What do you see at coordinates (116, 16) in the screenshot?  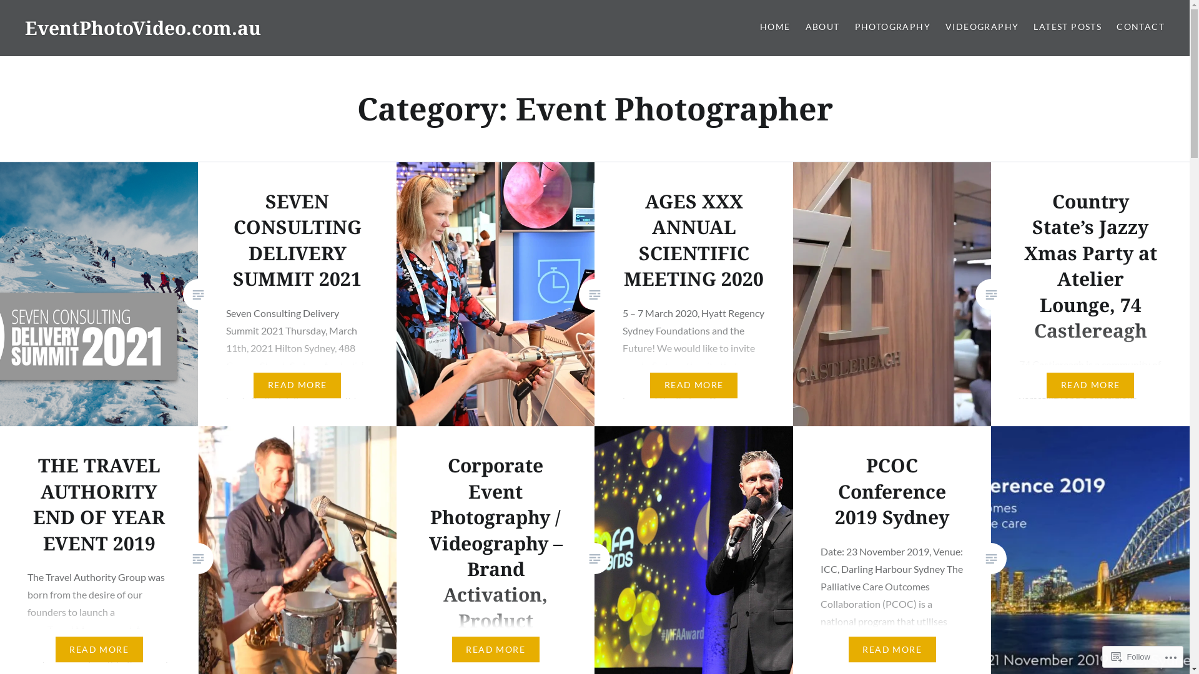 I see `'Search'` at bounding box center [116, 16].